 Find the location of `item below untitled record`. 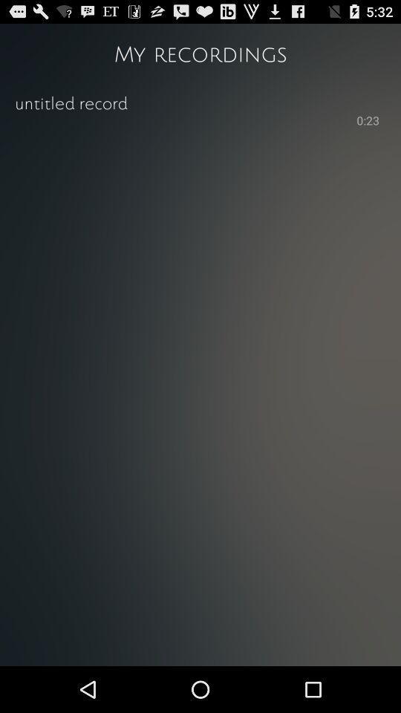

item below untitled record is located at coordinates (184, 119).